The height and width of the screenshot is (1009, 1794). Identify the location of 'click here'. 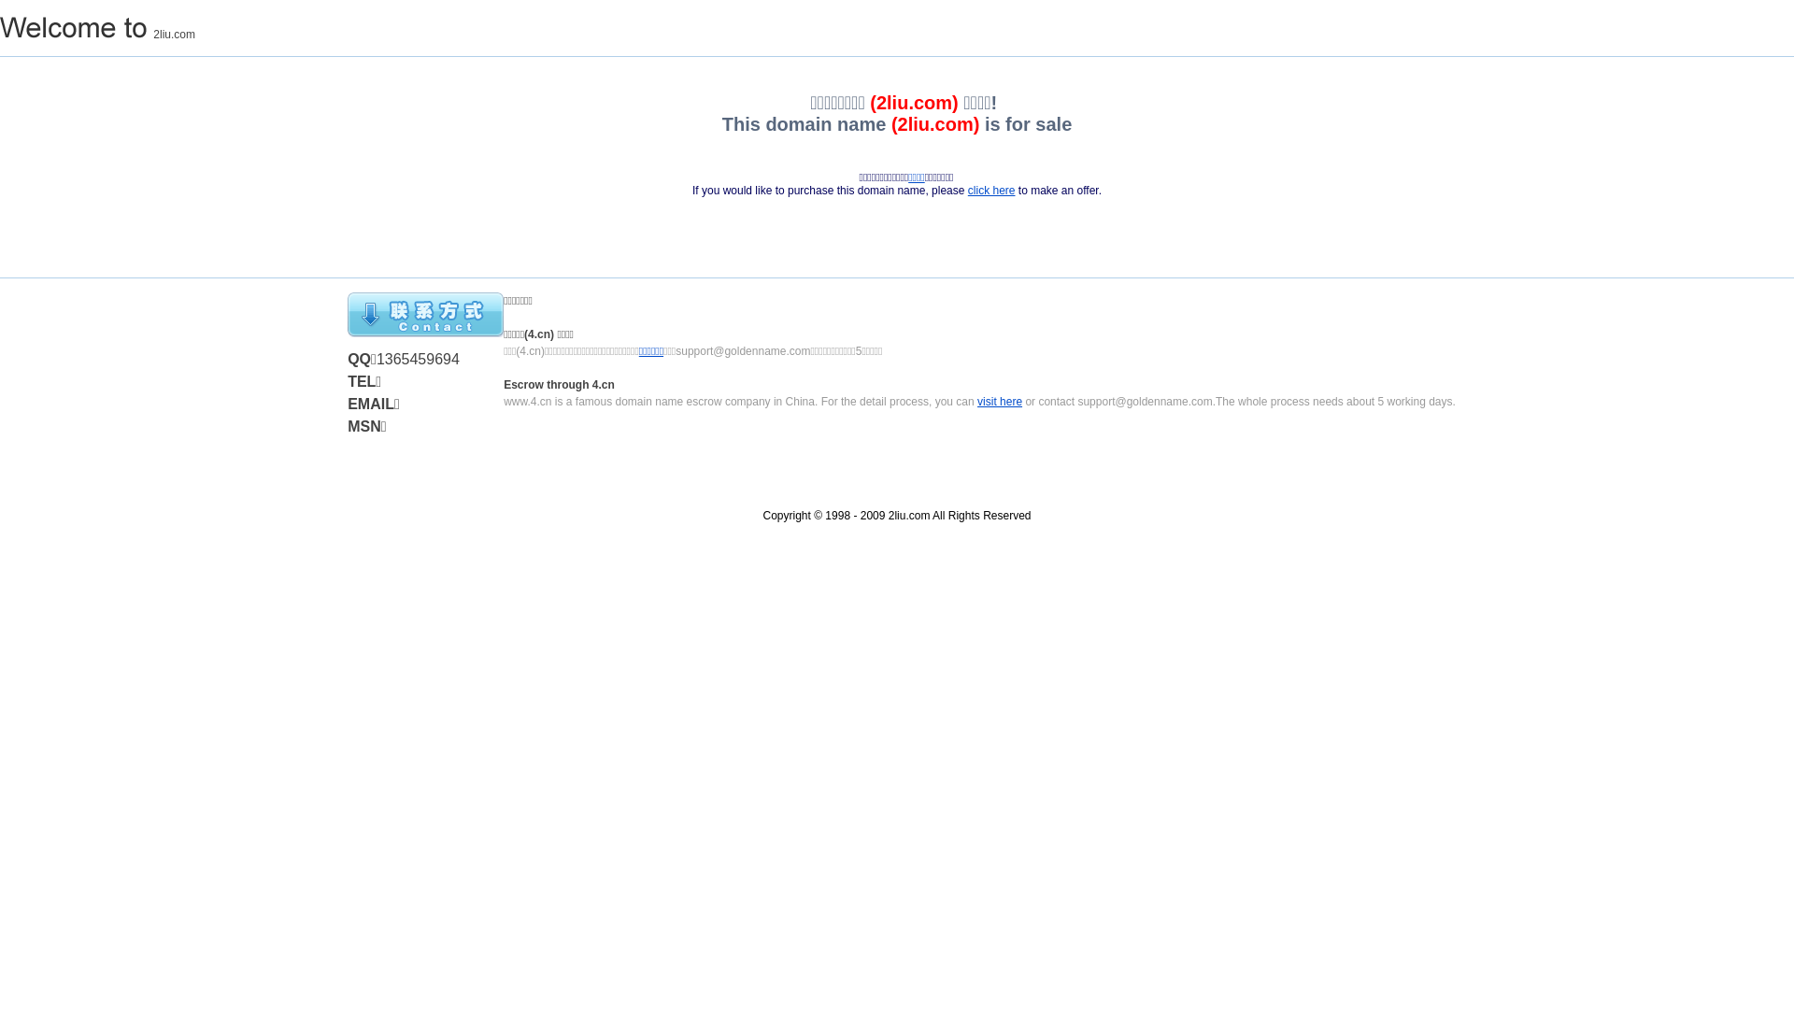
(990, 191).